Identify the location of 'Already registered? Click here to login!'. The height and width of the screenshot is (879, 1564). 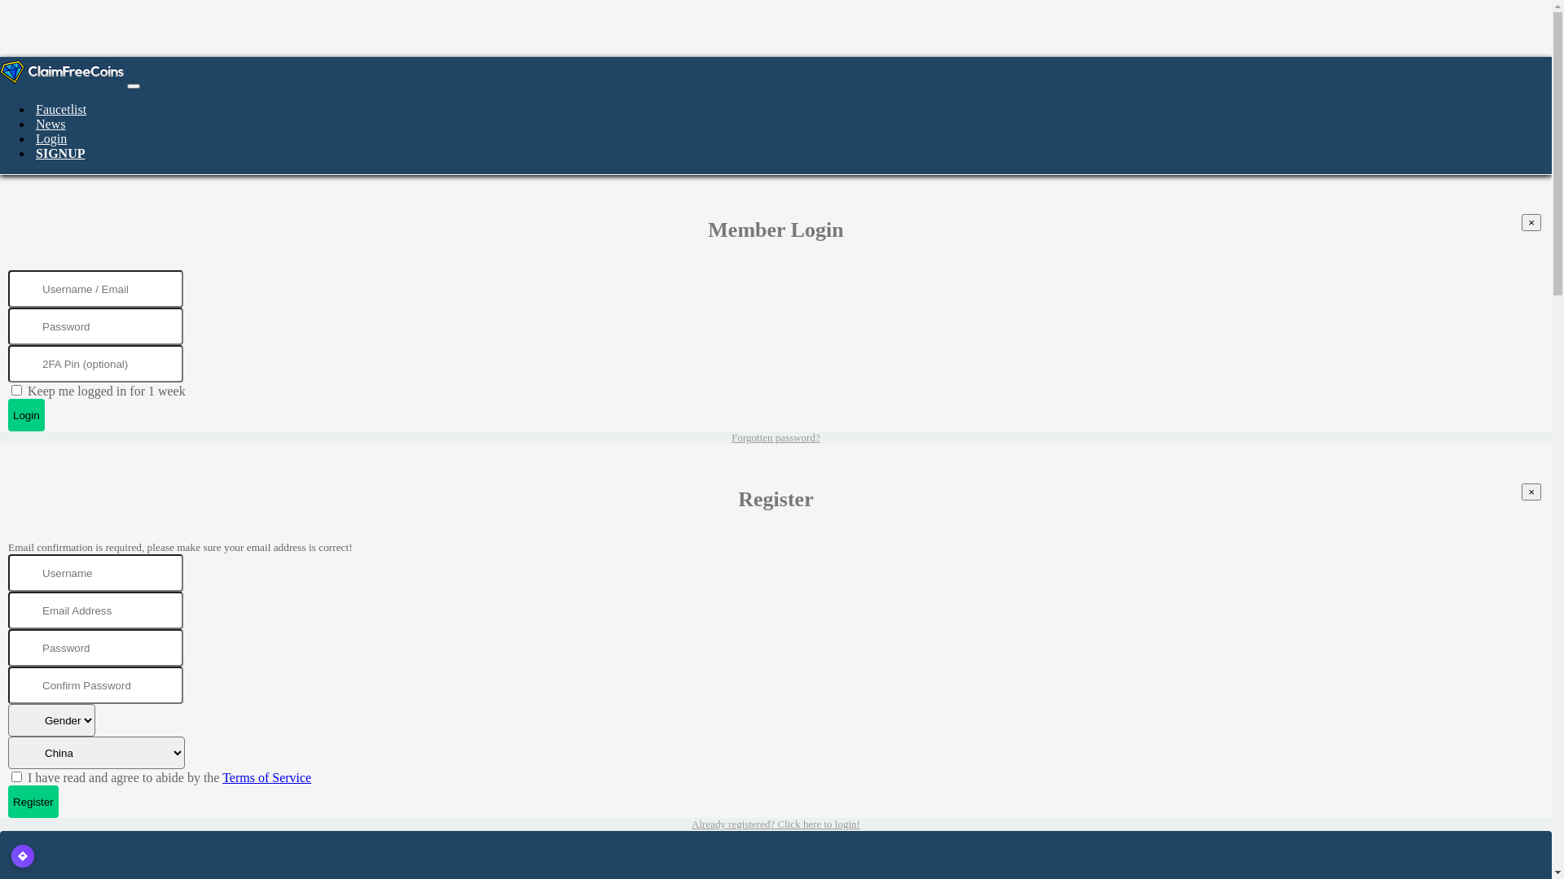
(775, 824).